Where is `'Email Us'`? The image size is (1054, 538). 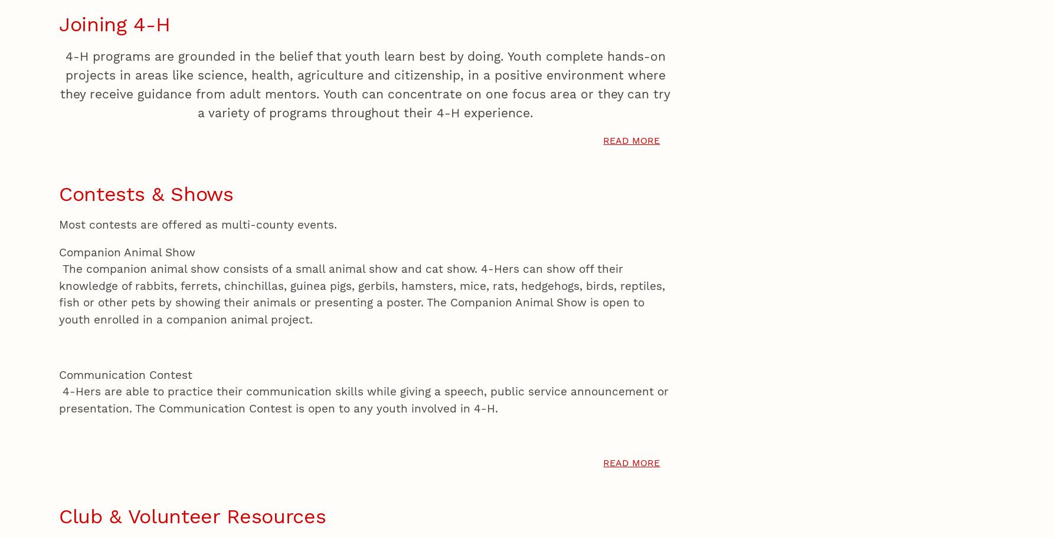
'Email Us' is located at coordinates (997, 80).